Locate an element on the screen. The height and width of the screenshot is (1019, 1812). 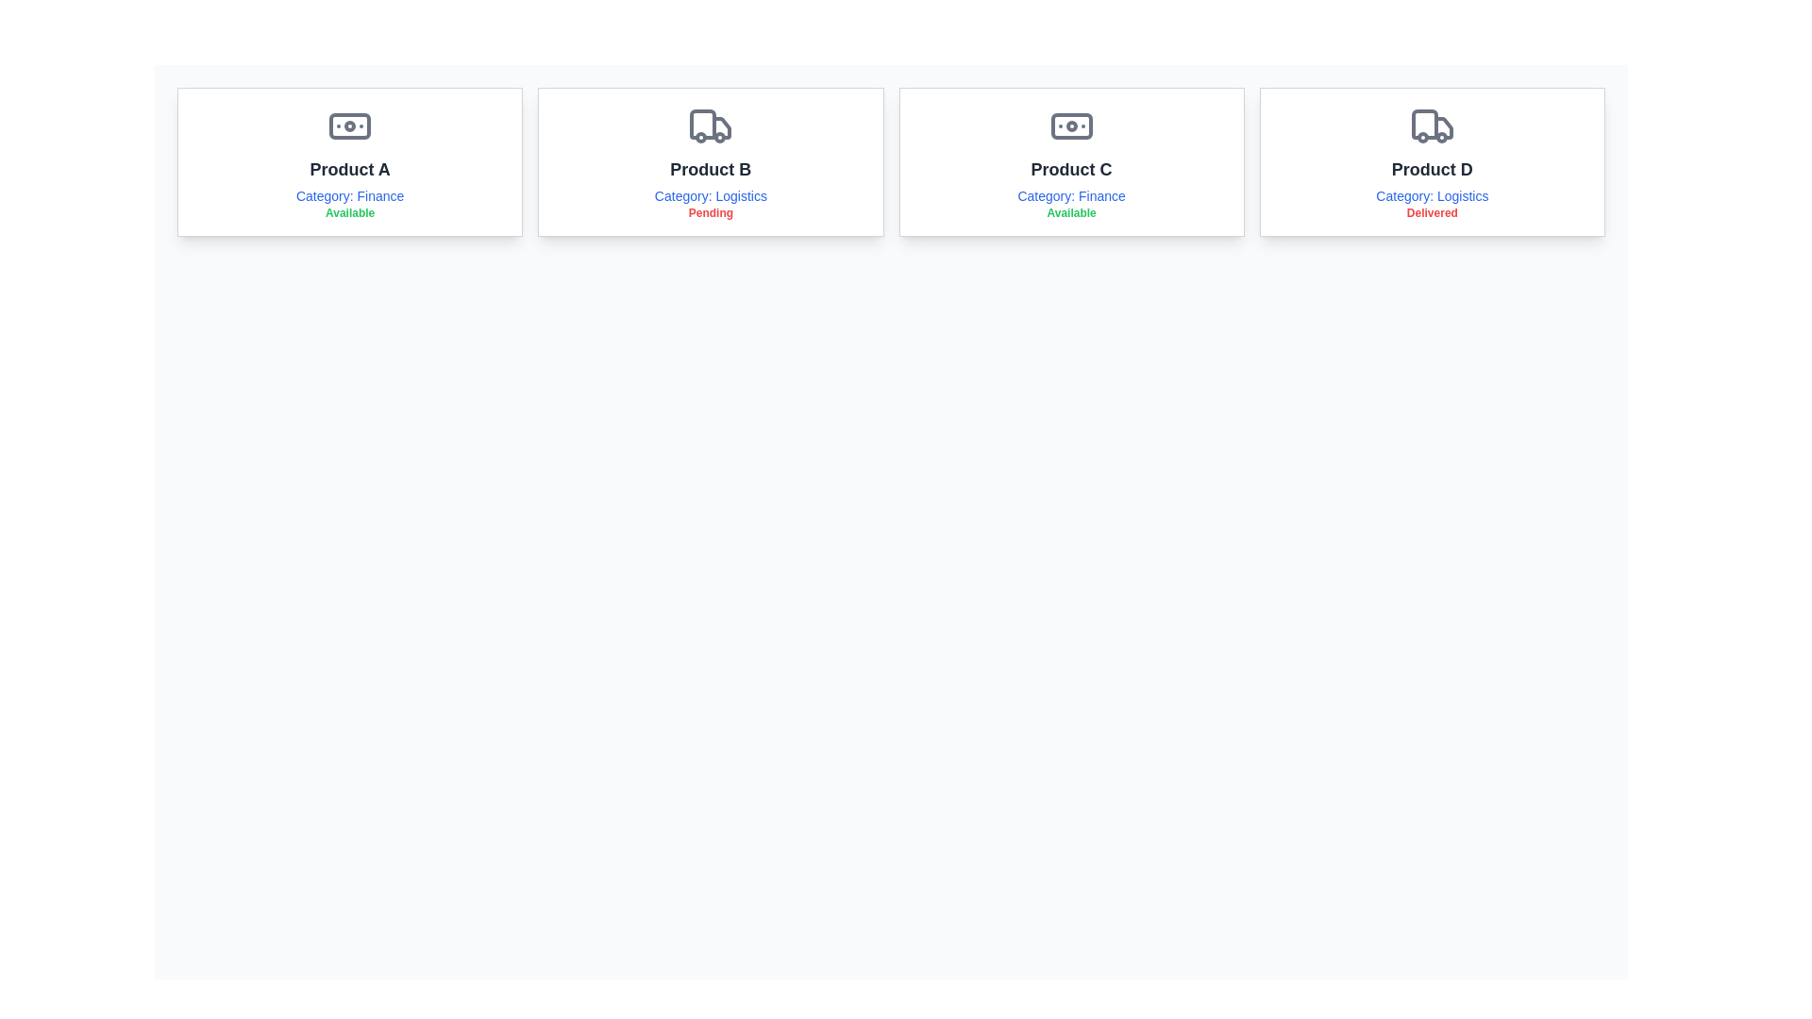
the icon representing 'Product A' is located at coordinates (350, 126).